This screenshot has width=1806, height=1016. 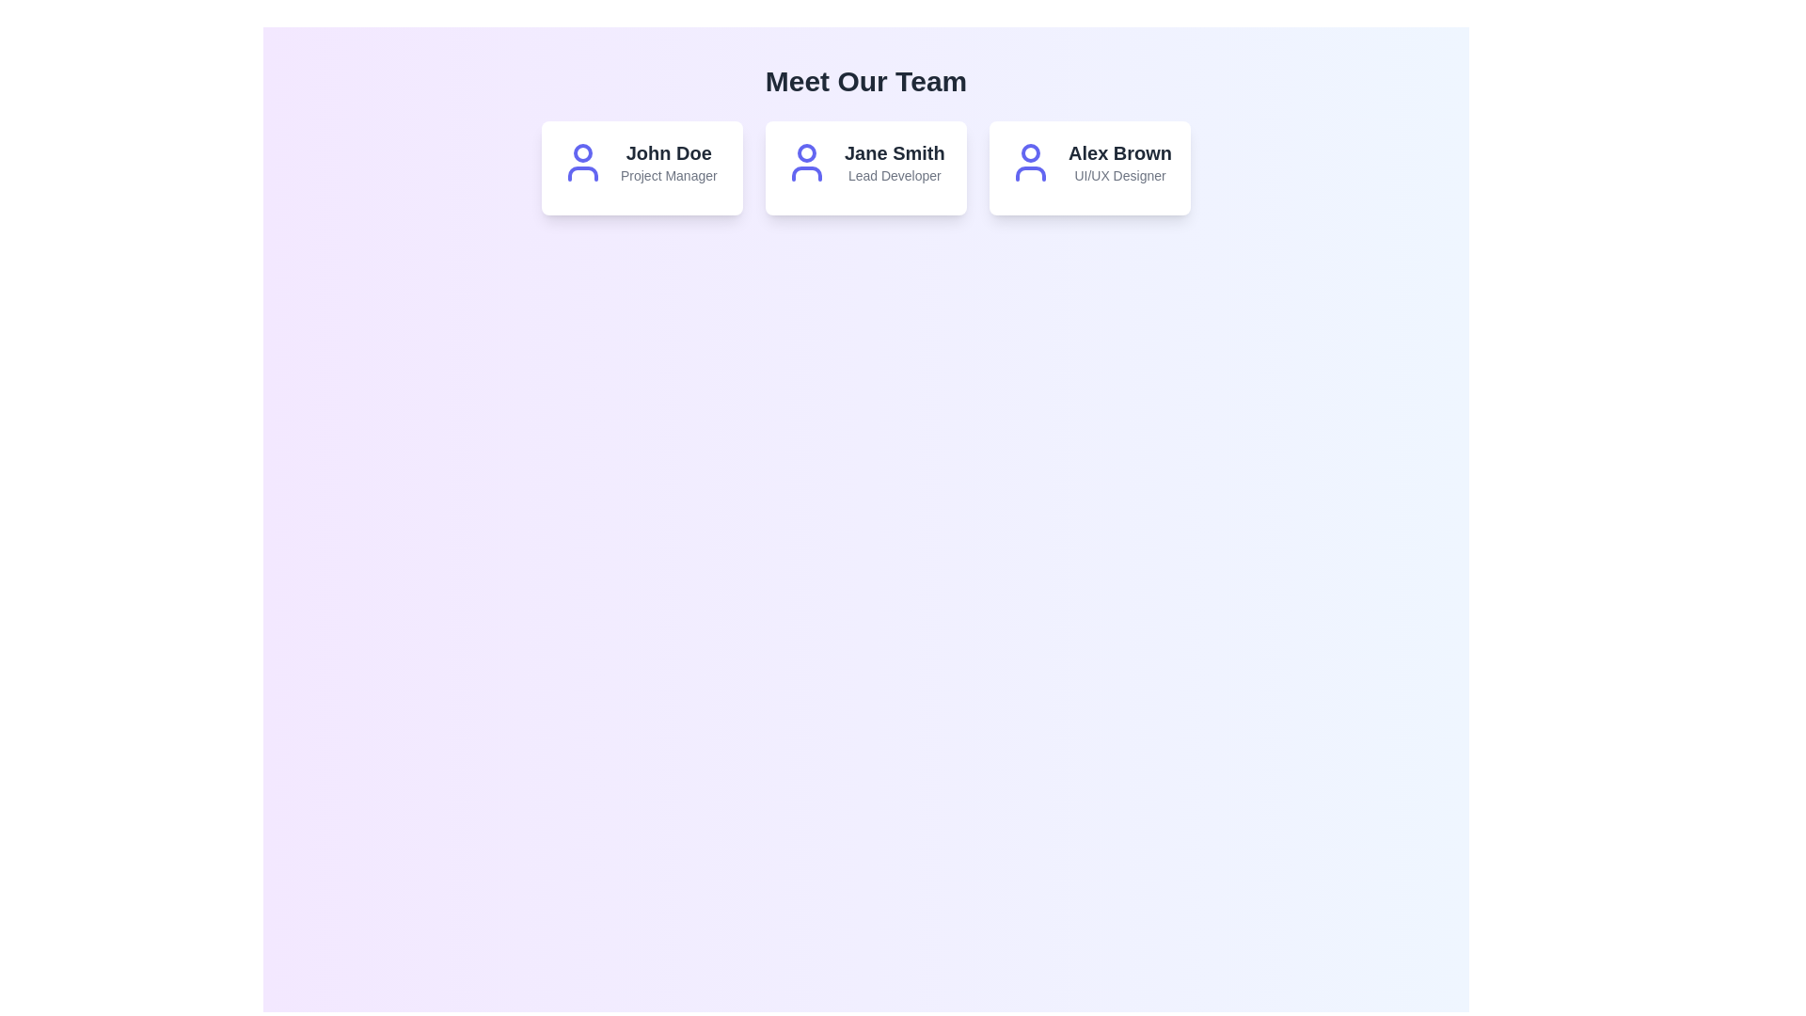 I want to click on displayed text from the second team member description label, which is centrally positioned between 'John Doe' and 'Alex Brown', so click(x=894, y=162).